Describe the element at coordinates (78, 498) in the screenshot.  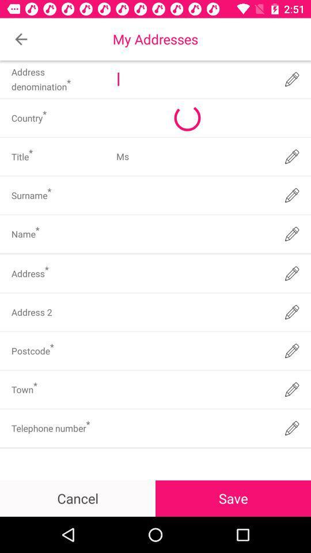
I see `icon to the left of save` at that location.